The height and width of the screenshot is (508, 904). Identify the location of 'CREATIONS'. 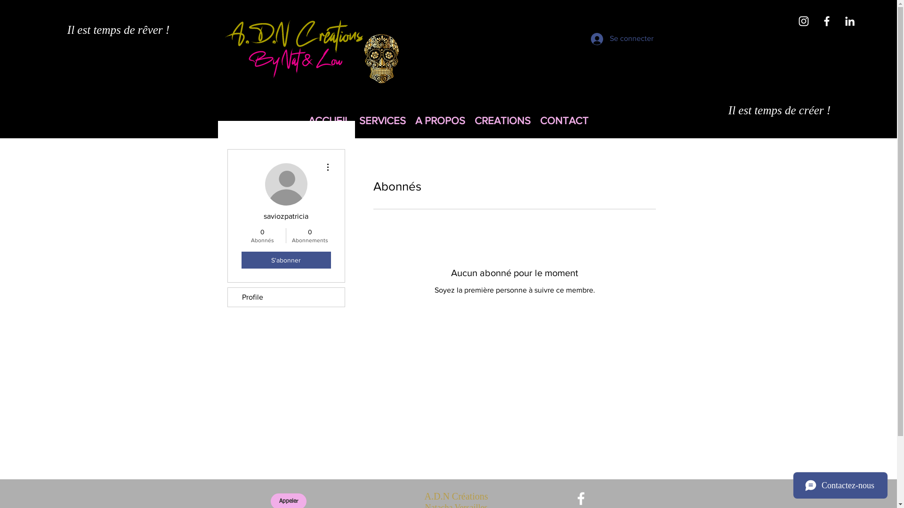
(502, 120).